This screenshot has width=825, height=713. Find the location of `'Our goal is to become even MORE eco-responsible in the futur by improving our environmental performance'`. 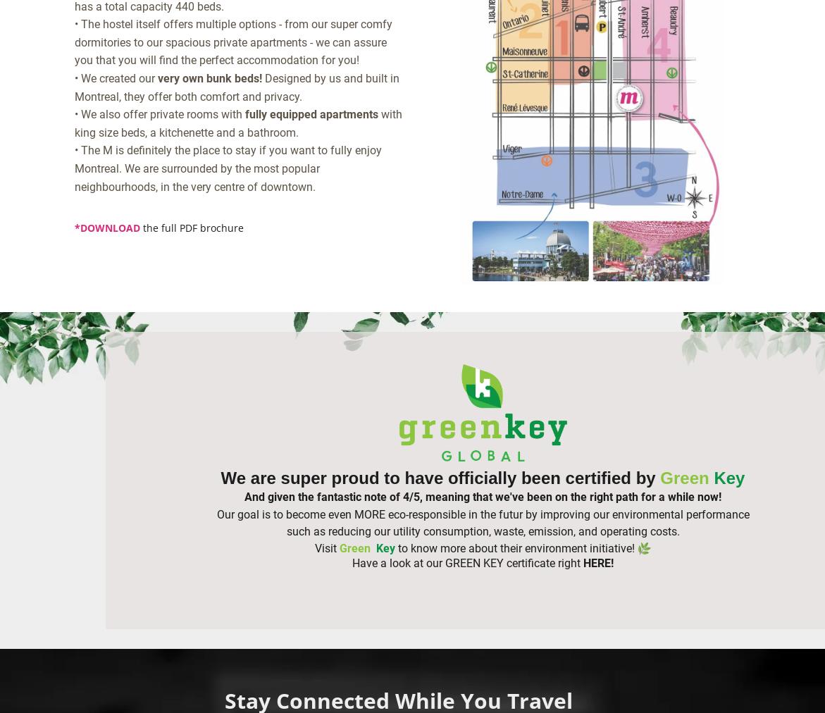

'Our goal is to become even MORE eco-responsible in the futur by improving our environmental performance' is located at coordinates (482, 514).